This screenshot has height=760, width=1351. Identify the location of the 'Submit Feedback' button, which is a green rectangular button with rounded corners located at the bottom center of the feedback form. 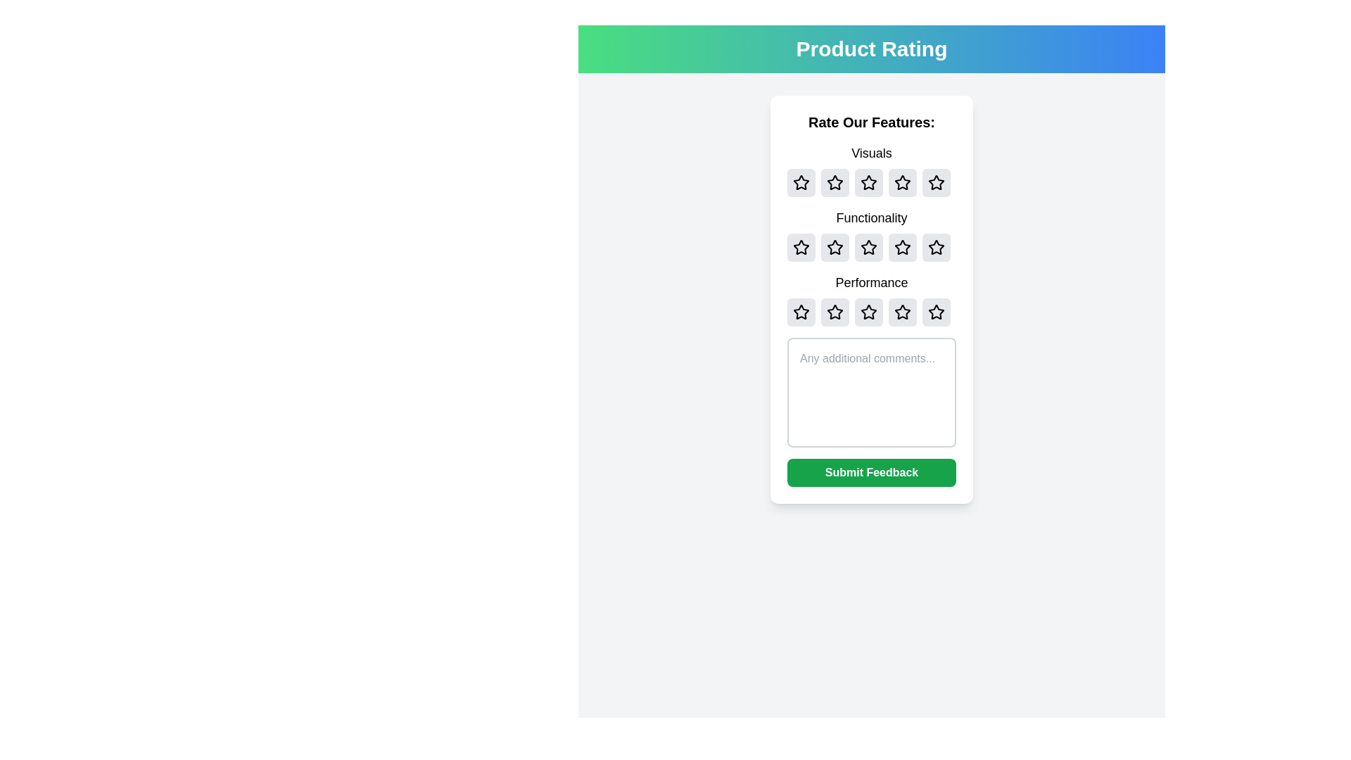
(870, 472).